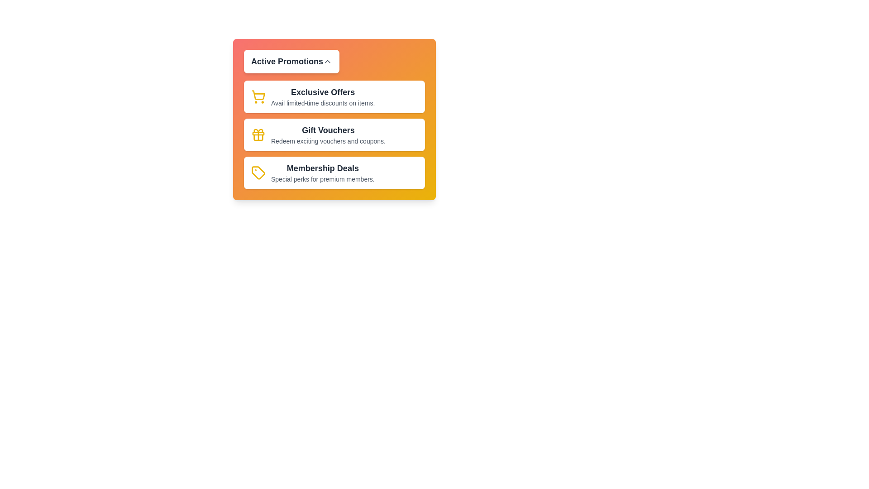  I want to click on the icon corresponding to Gift Vouchers to interact with it, so click(258, 134).